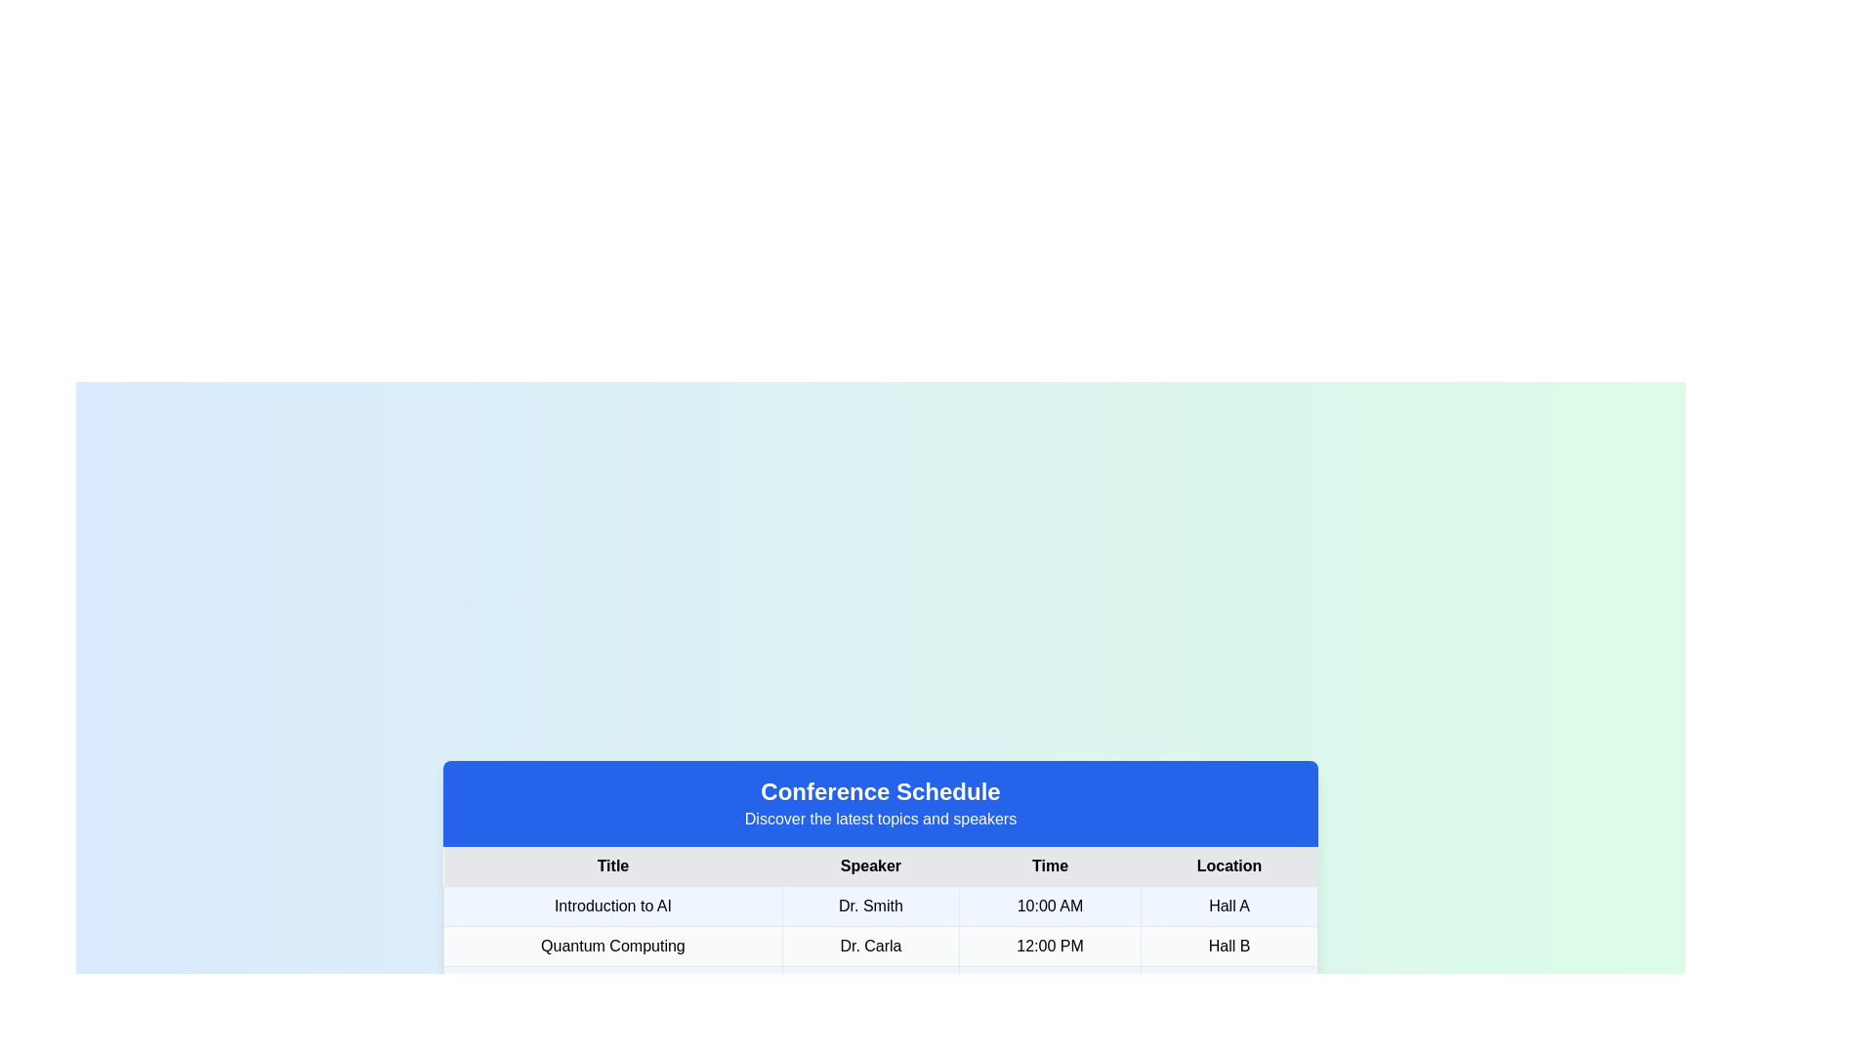 Image resolution: width=1875 pixels, height=1055 pixels. Describe the element at coordinates (880, 791) in the screenshot. I see `the text label displaying 'Conference Schedule' located in the center of a blue banner above the table-like structure` at that location.